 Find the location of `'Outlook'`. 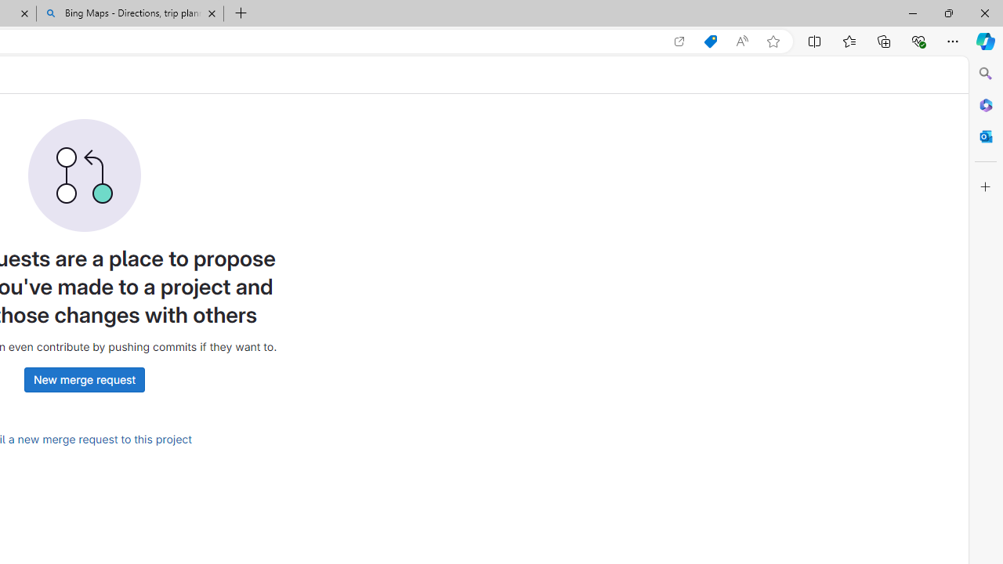

'Outlook' is located at coordinates (985, 136).